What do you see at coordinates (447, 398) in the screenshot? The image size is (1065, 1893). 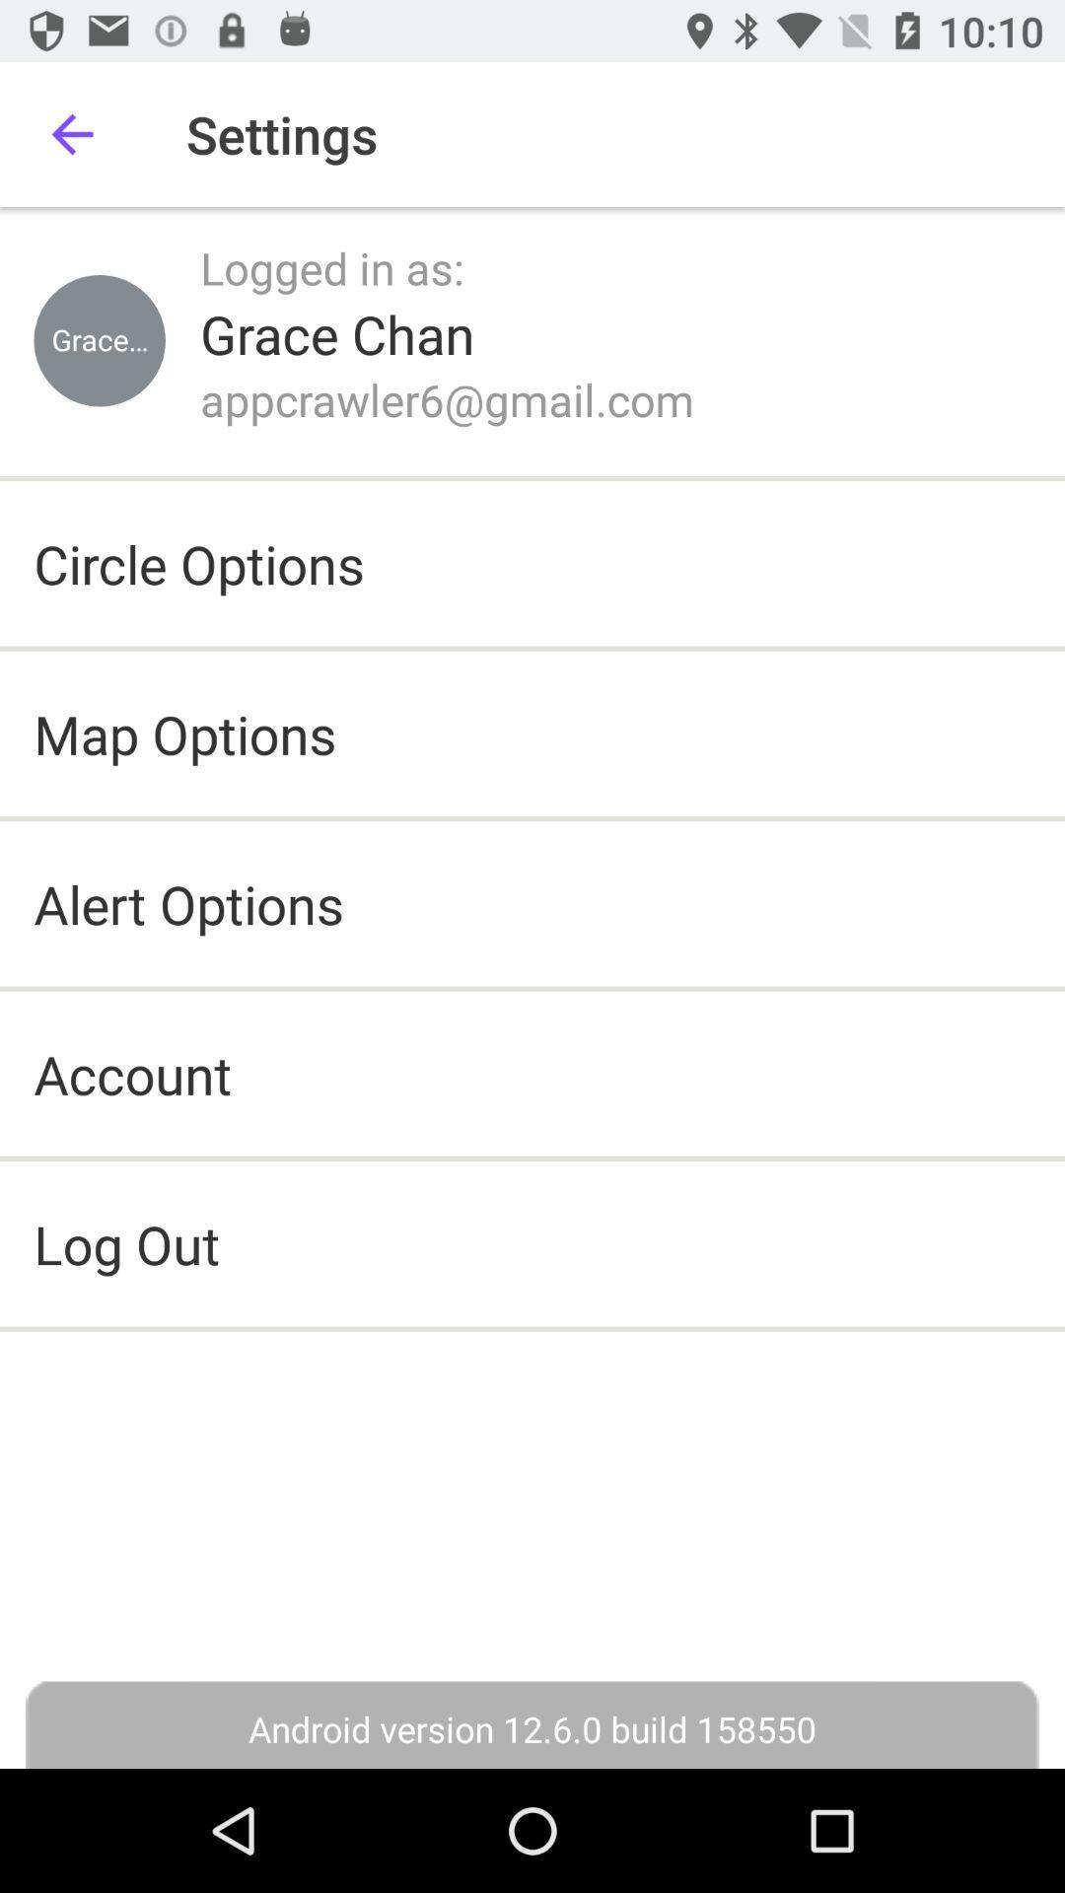 I see `appcrawler6@gmail.com icon` at bounding box center [447, 398].